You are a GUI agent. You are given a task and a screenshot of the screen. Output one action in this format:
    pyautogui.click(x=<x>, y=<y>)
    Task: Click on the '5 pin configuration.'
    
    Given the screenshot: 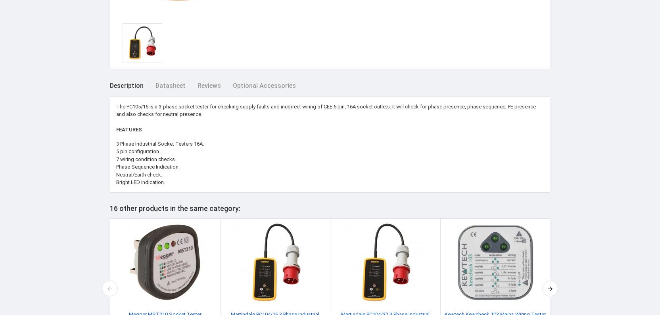 What is the action you would take?
    pyautogui.click(x=138, y=151)
    